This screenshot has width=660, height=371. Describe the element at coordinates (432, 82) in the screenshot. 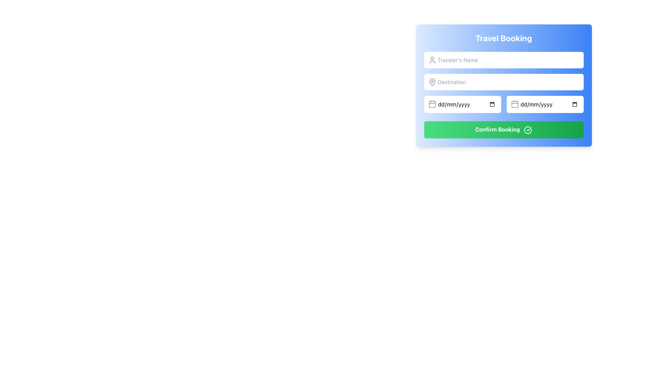

I see `the location icon in the 'Destination' input field of the travel booking form, which is the left-most icon in that field` at that location.